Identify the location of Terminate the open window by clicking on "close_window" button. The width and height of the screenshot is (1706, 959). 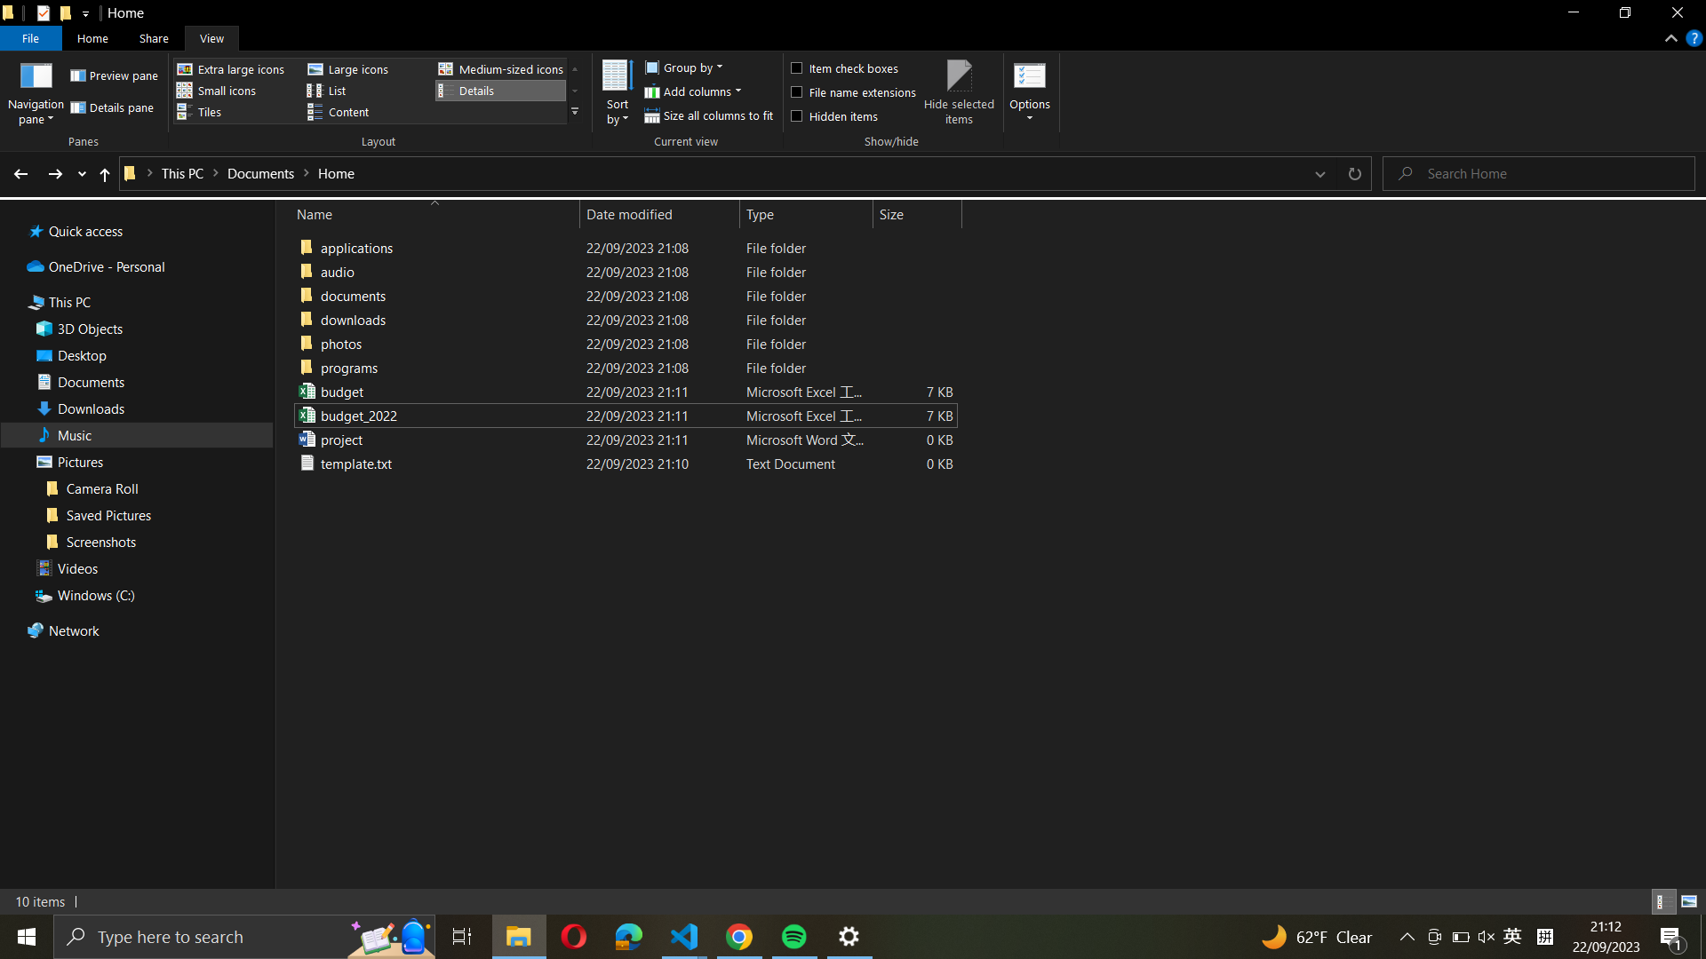
(1676, 15).